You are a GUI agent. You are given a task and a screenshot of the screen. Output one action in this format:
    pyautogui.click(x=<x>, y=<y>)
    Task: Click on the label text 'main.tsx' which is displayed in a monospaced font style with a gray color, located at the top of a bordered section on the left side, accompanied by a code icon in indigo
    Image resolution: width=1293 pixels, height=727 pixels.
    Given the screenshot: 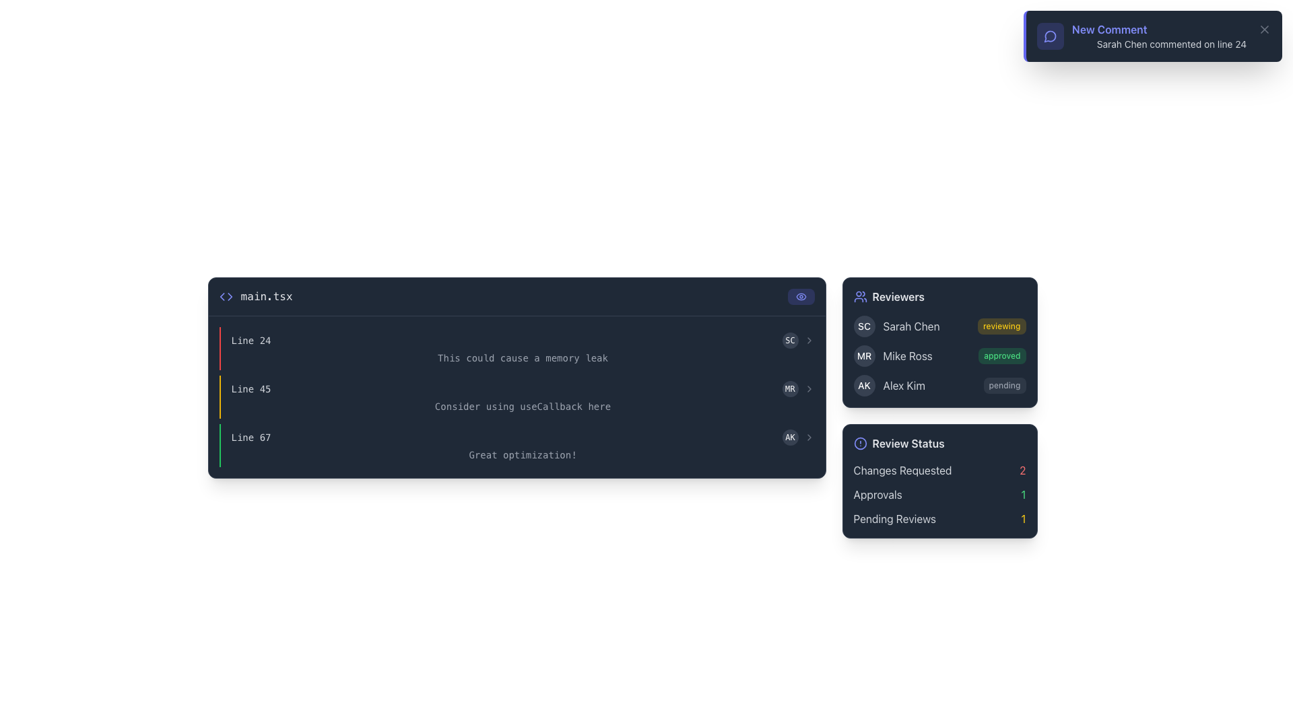 What is the action you would take?
    pyautogui.click(x=255, y=296)
    